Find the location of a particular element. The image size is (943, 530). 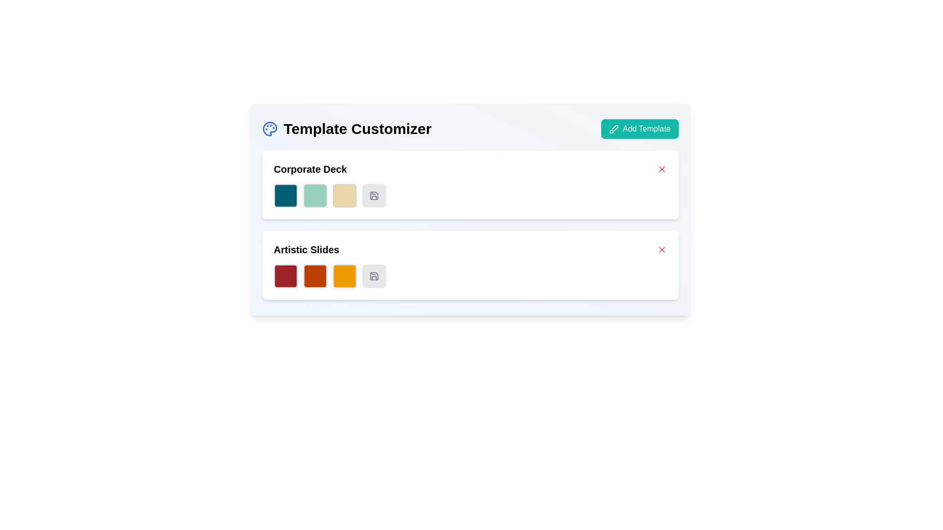

the first color block in the horizontal row of color blocks within the 'Artistic Slides' section is located at coordinates (285, 276).